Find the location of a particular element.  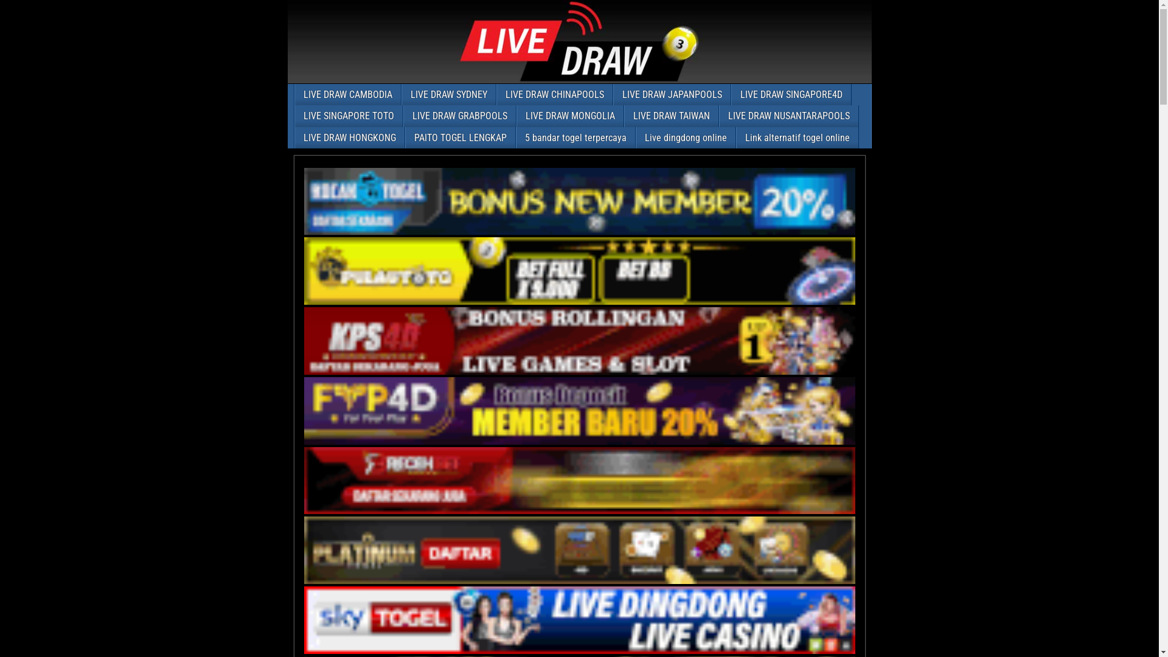

'LIVE DRAW CHINAPOOLS' is located at coordinates (554, 94).